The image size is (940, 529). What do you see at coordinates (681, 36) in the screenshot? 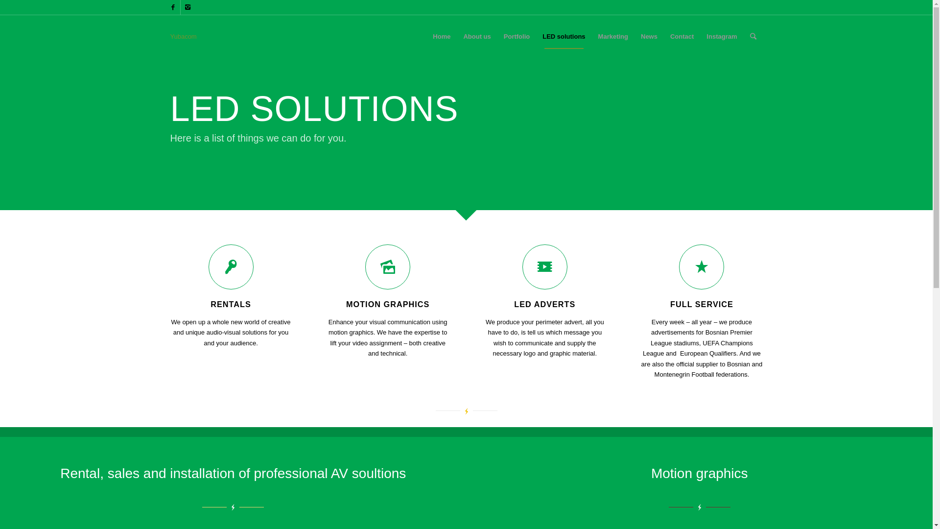
I see `'Contact'` at bounding box center [681, 36].